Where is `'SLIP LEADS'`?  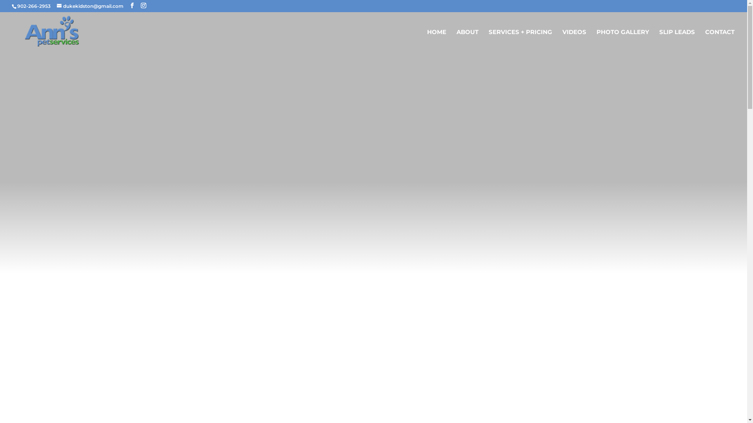
'SLIP LEADS' is located at coordinates (677, 41).